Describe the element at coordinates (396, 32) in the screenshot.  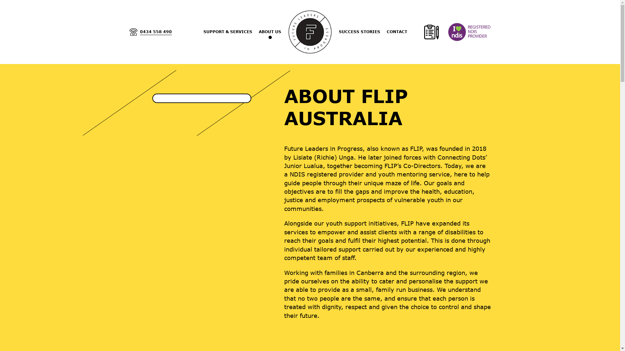
I see `'CONTACT'` at that location.